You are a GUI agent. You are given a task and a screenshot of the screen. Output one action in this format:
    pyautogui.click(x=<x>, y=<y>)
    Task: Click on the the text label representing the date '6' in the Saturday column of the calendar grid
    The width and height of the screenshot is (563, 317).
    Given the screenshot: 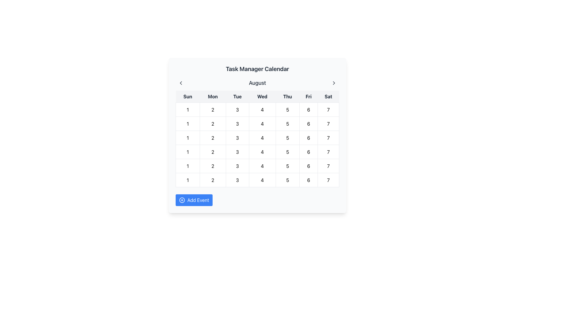 What is the action you would take?
    pyautogui.click(x=308, y=123)
    